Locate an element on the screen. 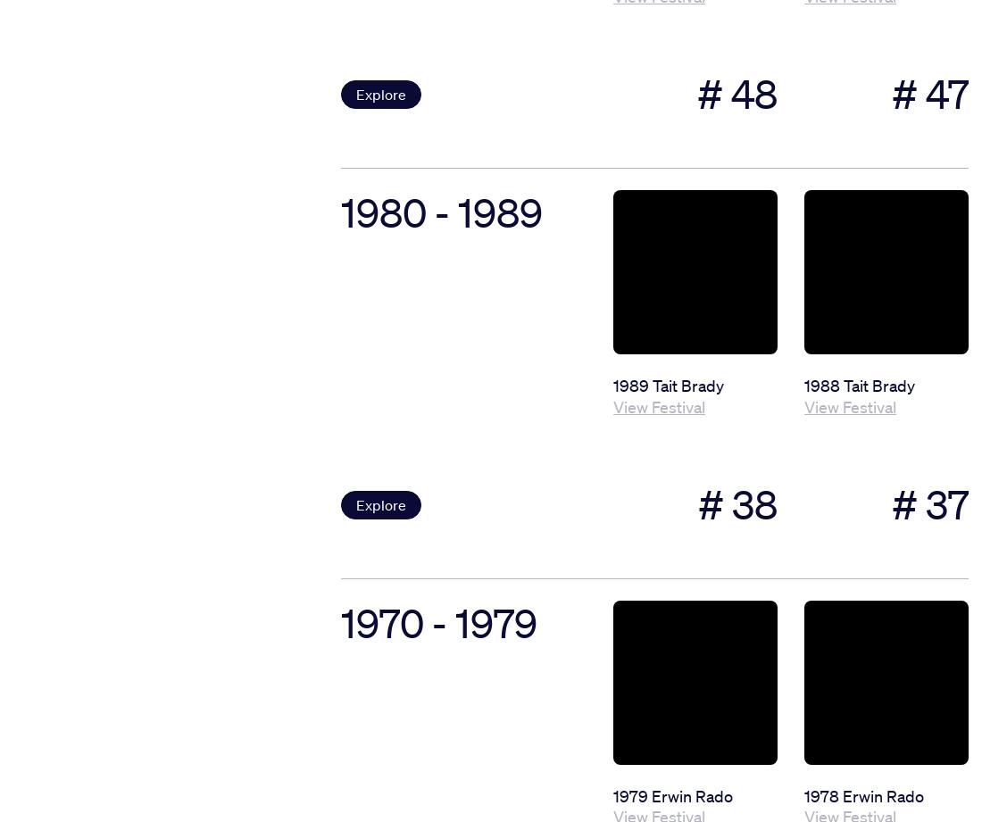 The width and height of the screenshot is (982, 822). '1978 Erwin Rado' is located at coordinates (863, 793).